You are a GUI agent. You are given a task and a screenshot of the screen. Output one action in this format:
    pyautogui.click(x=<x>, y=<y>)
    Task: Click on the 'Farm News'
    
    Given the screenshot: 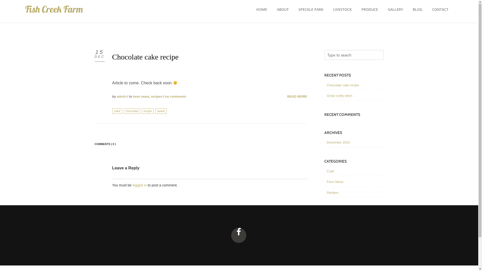 What is the action you would take?
    pyautogui.click(x=327, y=182)
    